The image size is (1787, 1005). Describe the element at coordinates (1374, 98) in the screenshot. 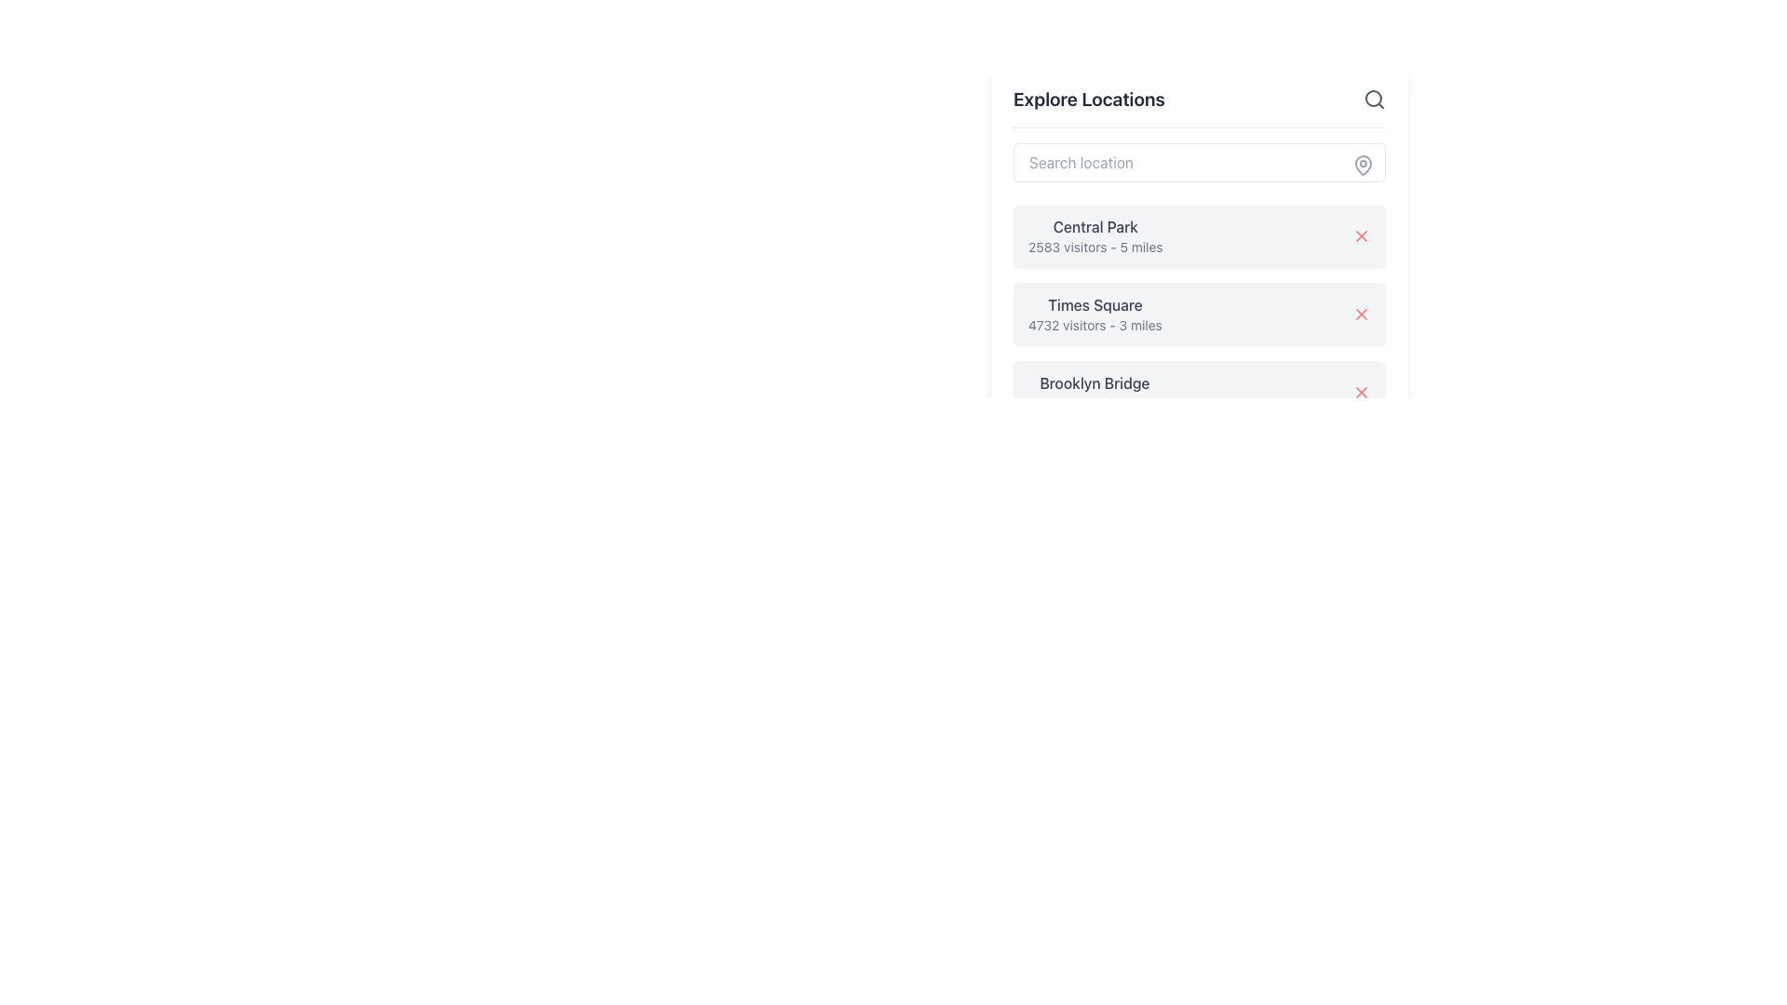

I see `the SVG circle that is part of the search icon located to the right of the 'Search location' text field` at that location.